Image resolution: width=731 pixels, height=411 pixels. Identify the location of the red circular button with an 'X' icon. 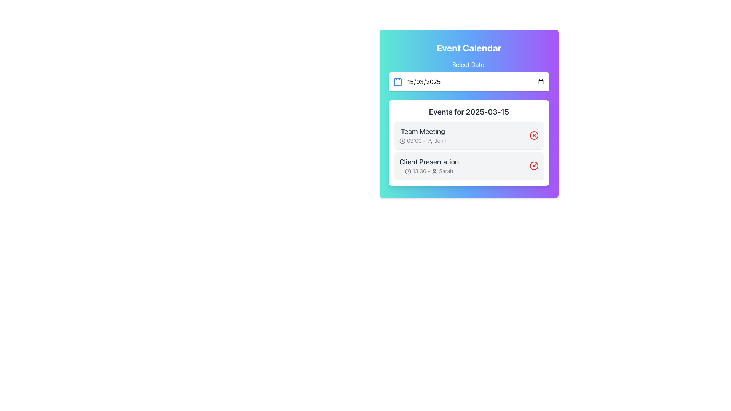
(533, 165).